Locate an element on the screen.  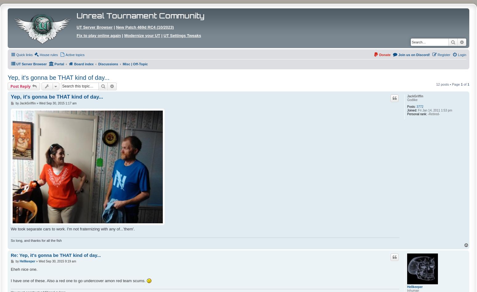
'Eheh nice one.' is located at coordinates (23, 269).